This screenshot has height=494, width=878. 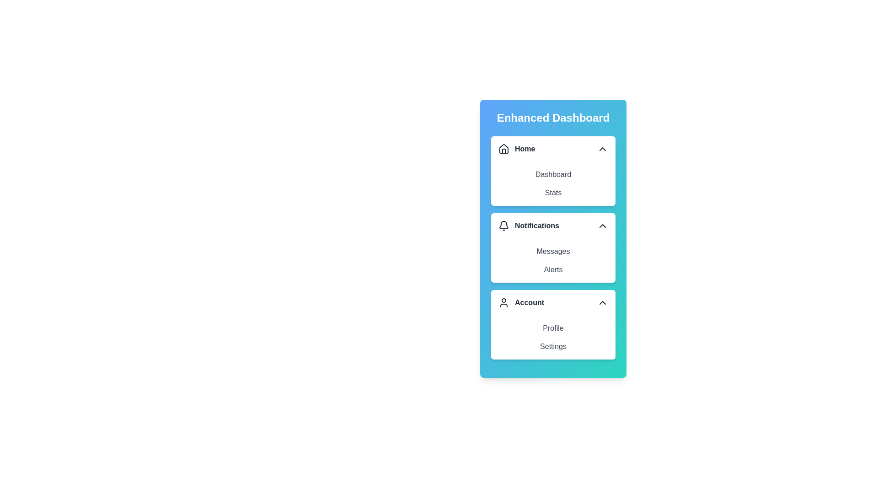 What do you see at coordinates (552, 149) in the screenshot?
I see `the header of the menu section labeled Home to toggle its expanded/collapsed state` at bounding box center [552, 149].